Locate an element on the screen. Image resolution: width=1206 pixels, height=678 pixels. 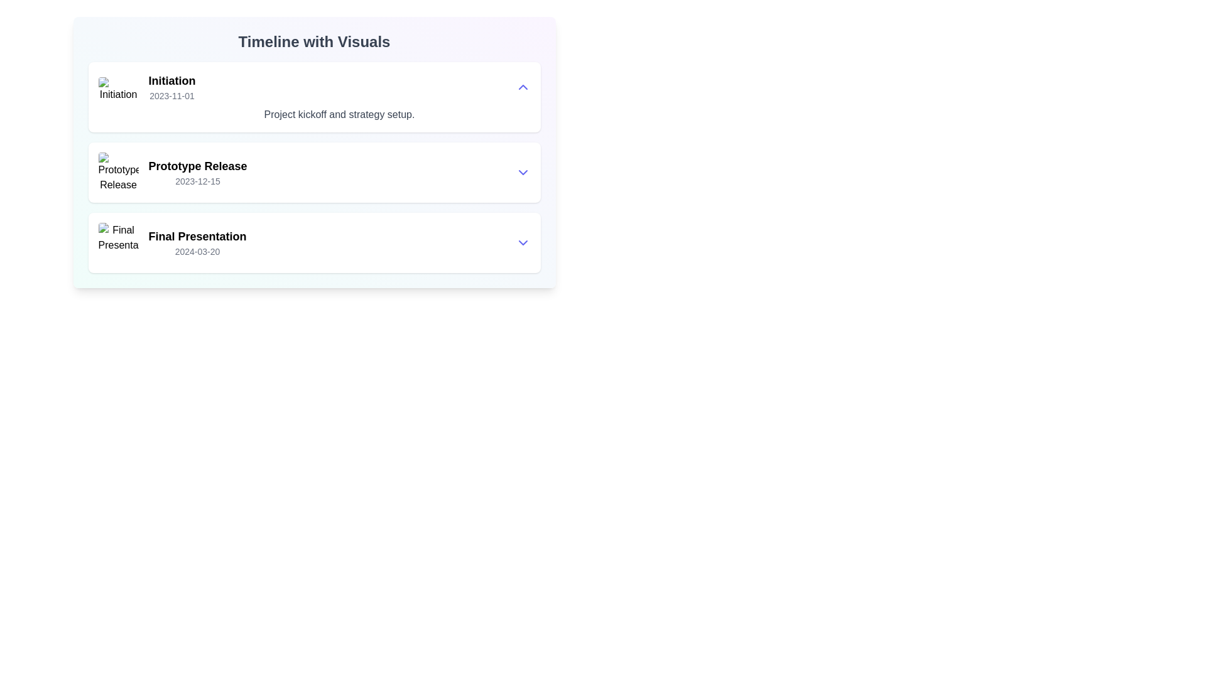
the small blue upward-facing chevron icon button located in the top-right corner of the 'Initiation' card dated '2023-11-01' is located at coordinates (523, 86).